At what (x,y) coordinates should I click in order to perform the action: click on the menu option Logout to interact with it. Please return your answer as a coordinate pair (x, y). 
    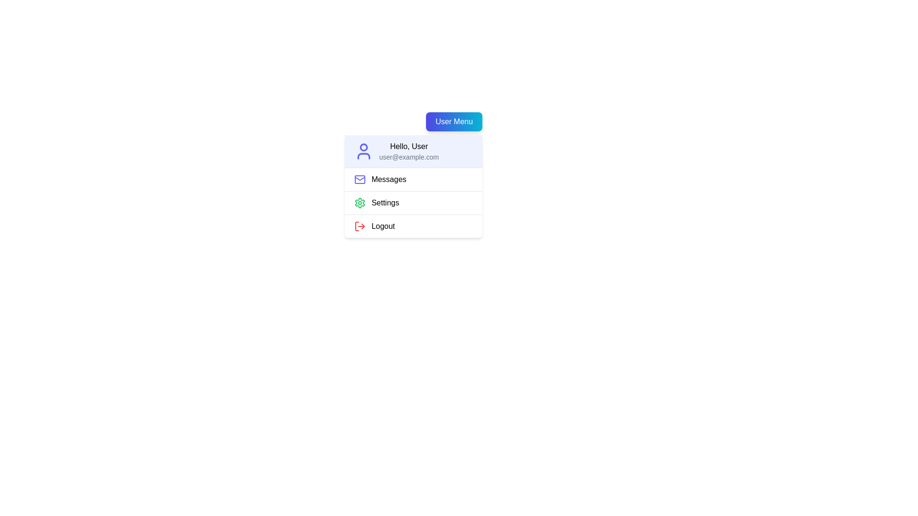
    Looking at the image, I should click on (414, 226).